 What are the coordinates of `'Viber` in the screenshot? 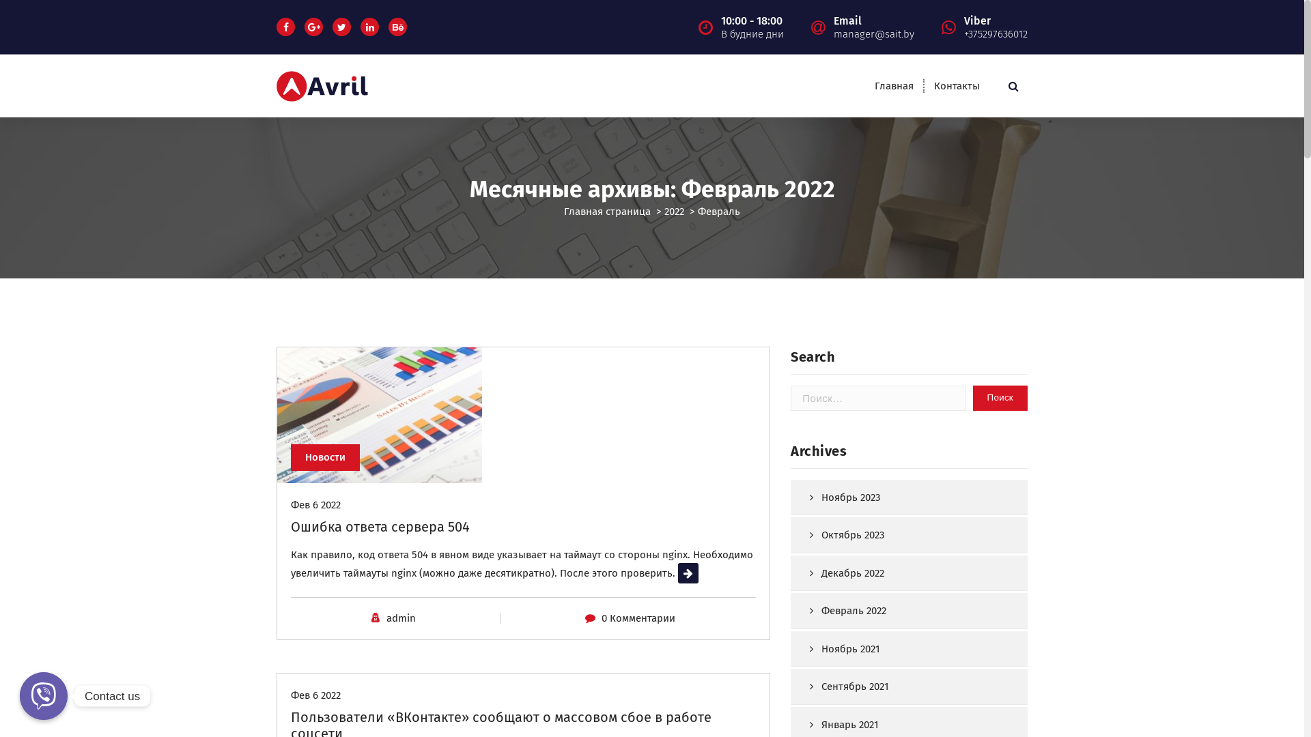 It's located at (996, 26).